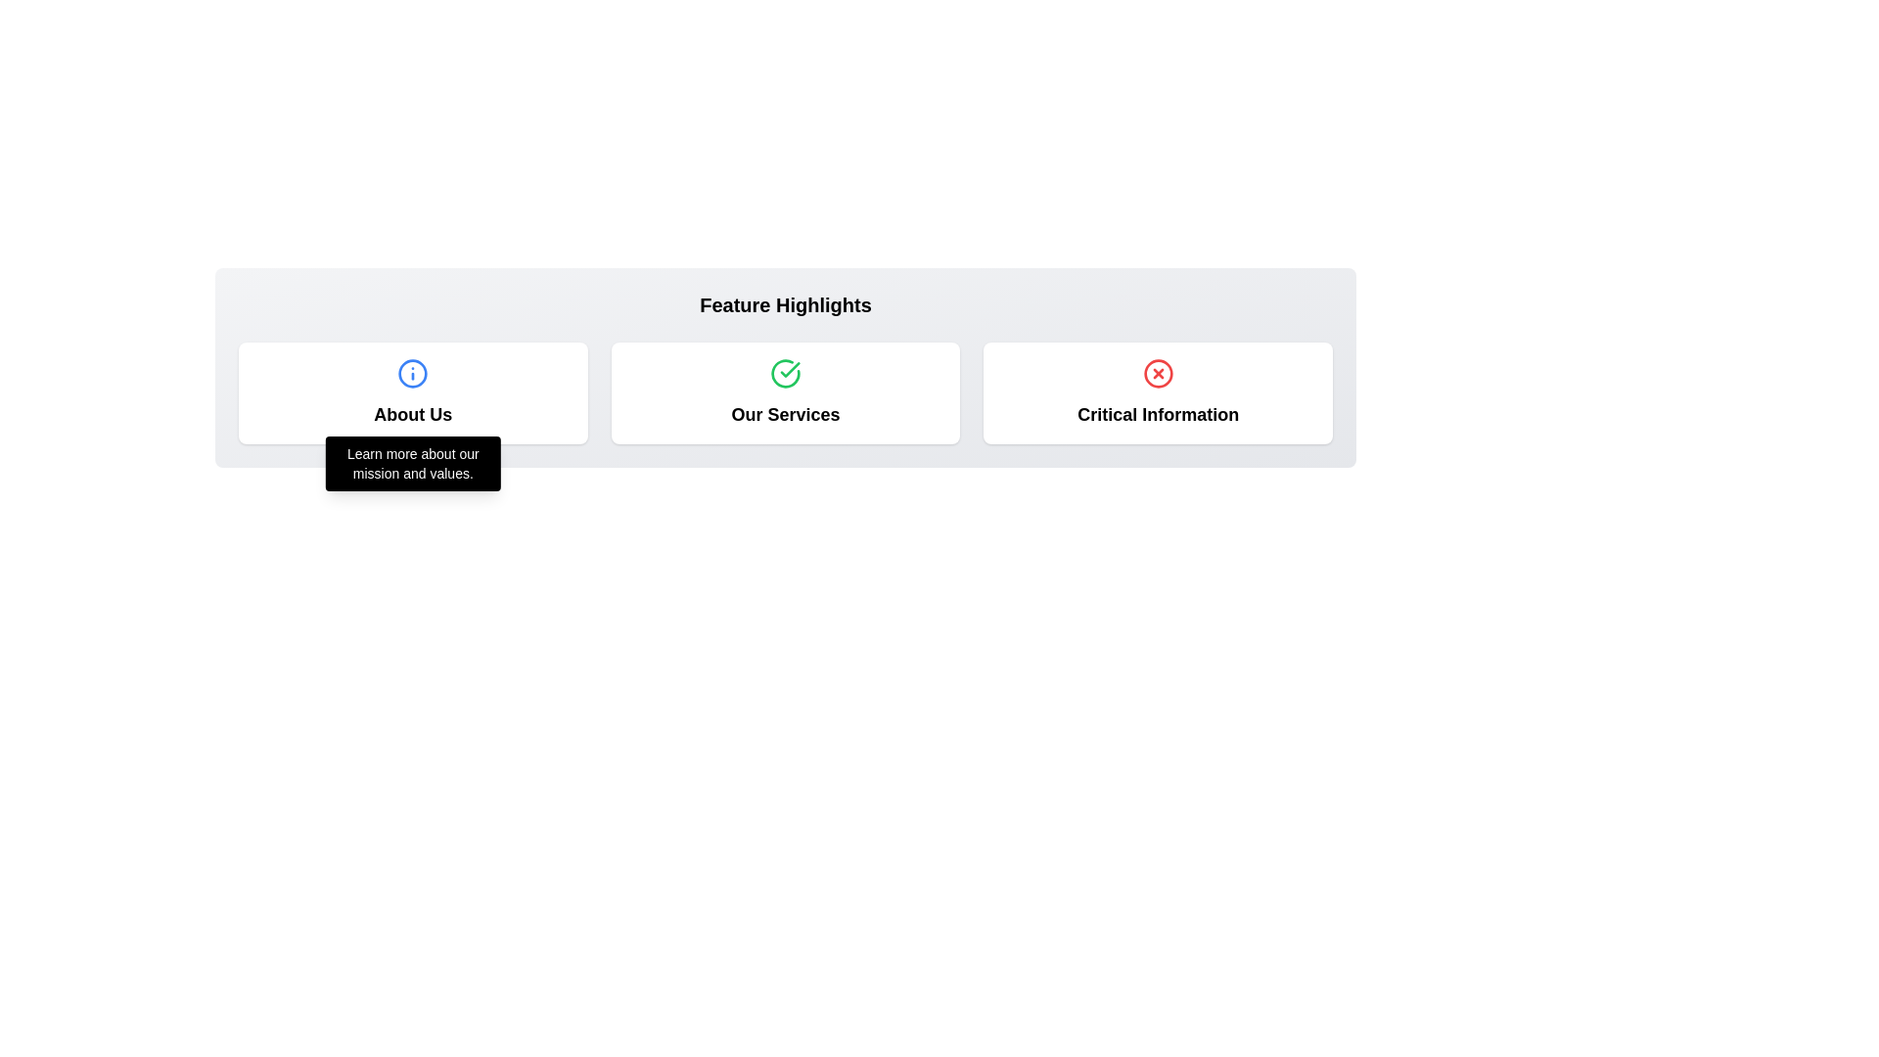 Image resolution: width=1879 pixels, height=1057 pixels. I want to click on details displayed in the card titled 'About Us' which contains an information icon and a tooltip with a description about the mission and values, so click(412, 392).